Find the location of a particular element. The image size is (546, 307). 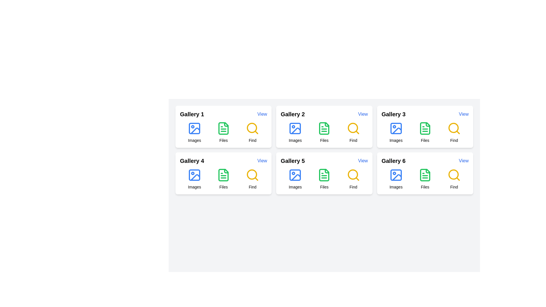

the 'Files' button which has a green outline document icon and is located below 'Gallery 1', positioned between 'Images' and 'Find' is located at coordinates (223, 132).